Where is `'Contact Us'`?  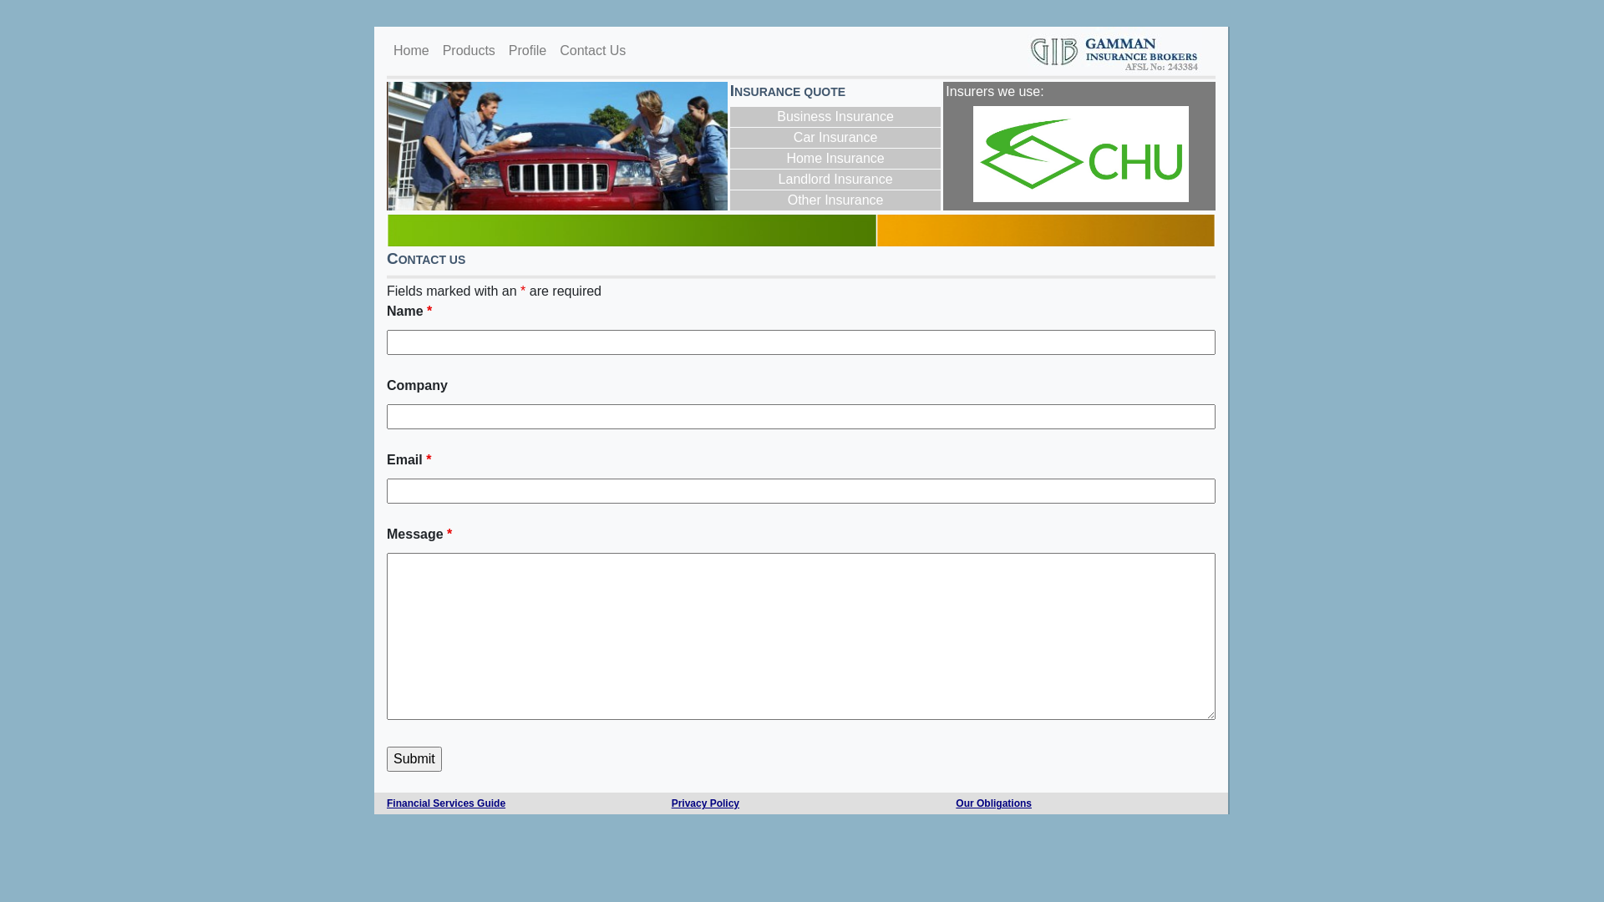
'Contact Us' is located at coordinates (592, 50).